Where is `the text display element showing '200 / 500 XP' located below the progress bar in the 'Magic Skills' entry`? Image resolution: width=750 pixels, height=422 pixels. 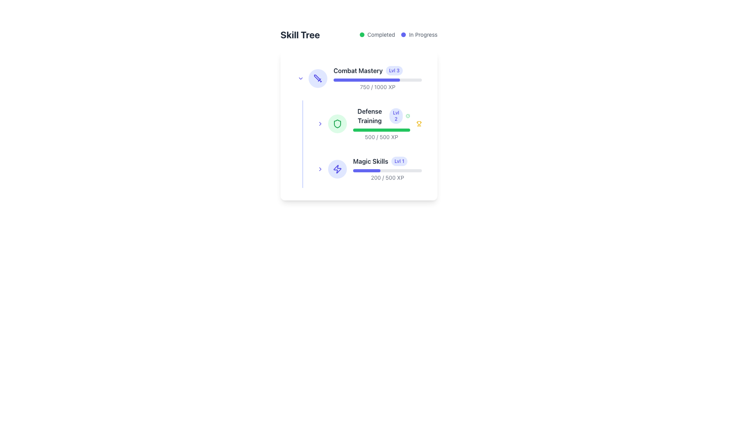
the text display element showing '200 / 500 XP' located below the progress bar in the 'Magic Skills' entry is located at coordinates (387, 178).